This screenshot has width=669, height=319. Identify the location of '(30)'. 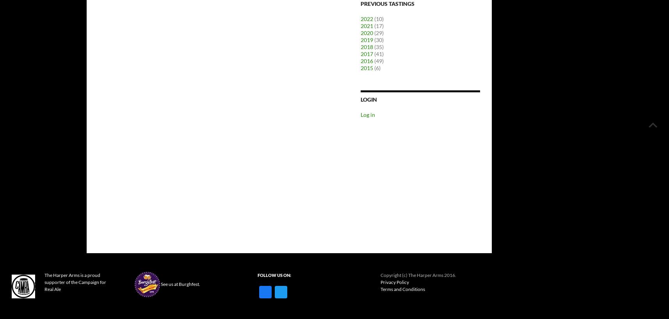
(373, 40).